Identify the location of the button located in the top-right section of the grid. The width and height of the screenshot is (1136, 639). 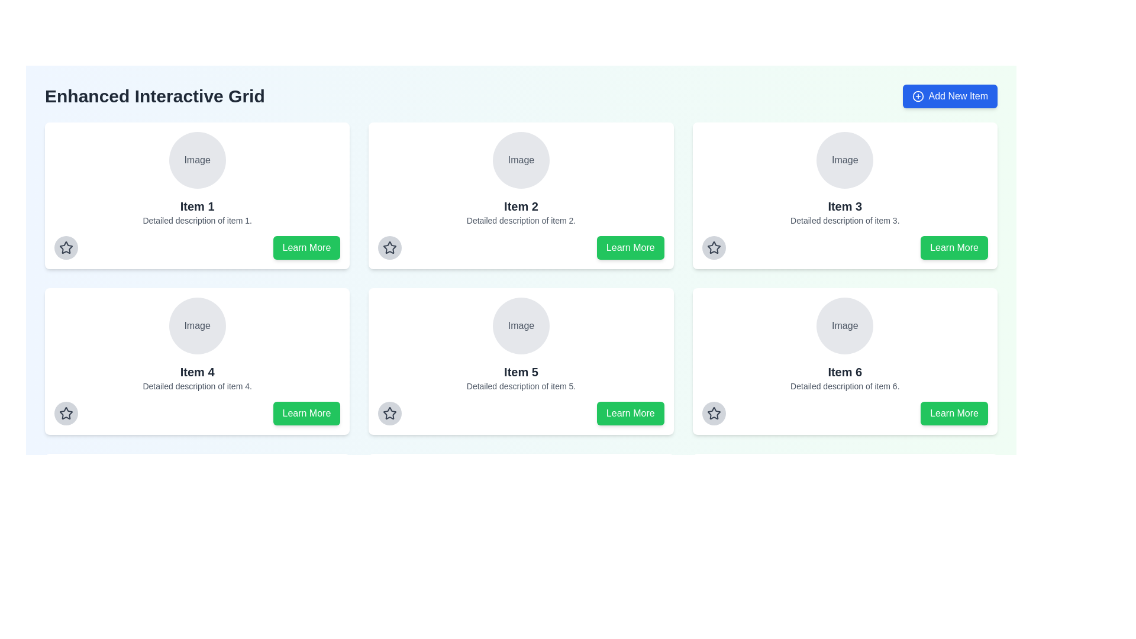
(954, 247).